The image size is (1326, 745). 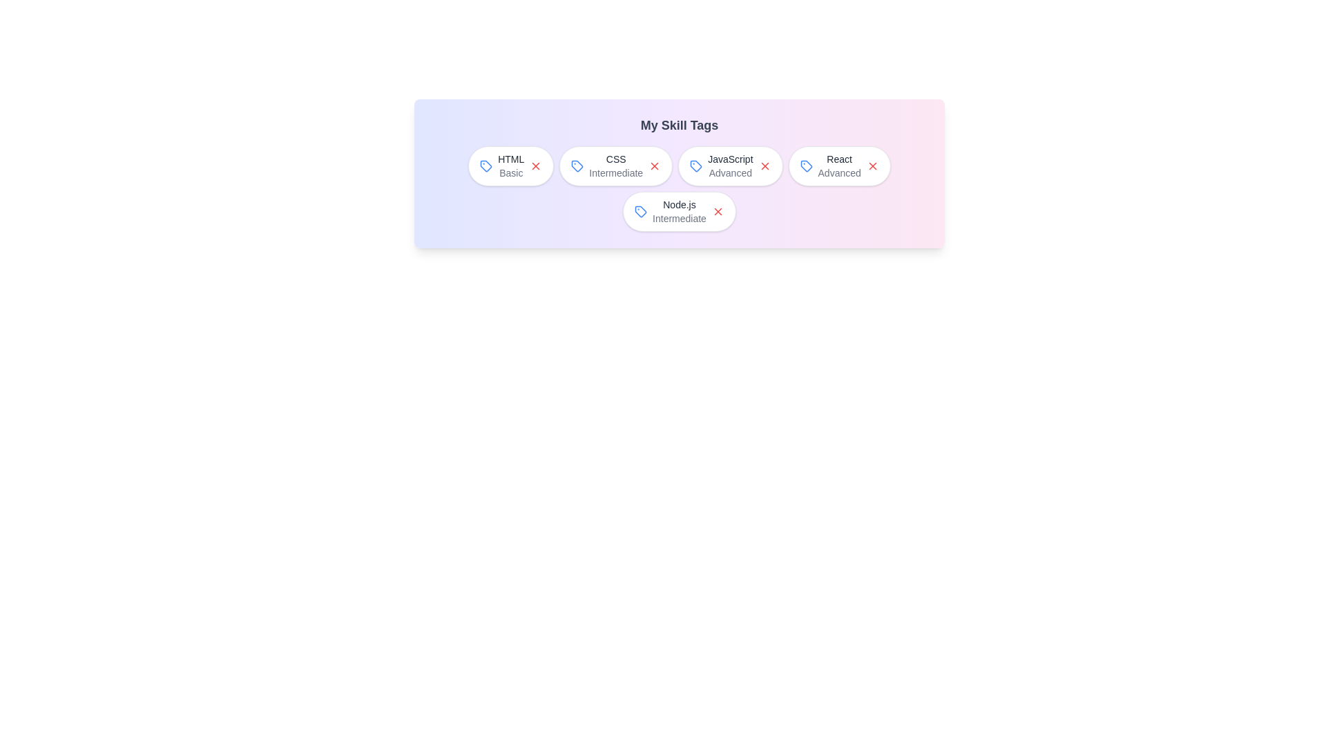 What do you see at coordinates (510, 165) in the screenshot?
I see `the skill label HTML to select it` at bounding box center [510, 165].